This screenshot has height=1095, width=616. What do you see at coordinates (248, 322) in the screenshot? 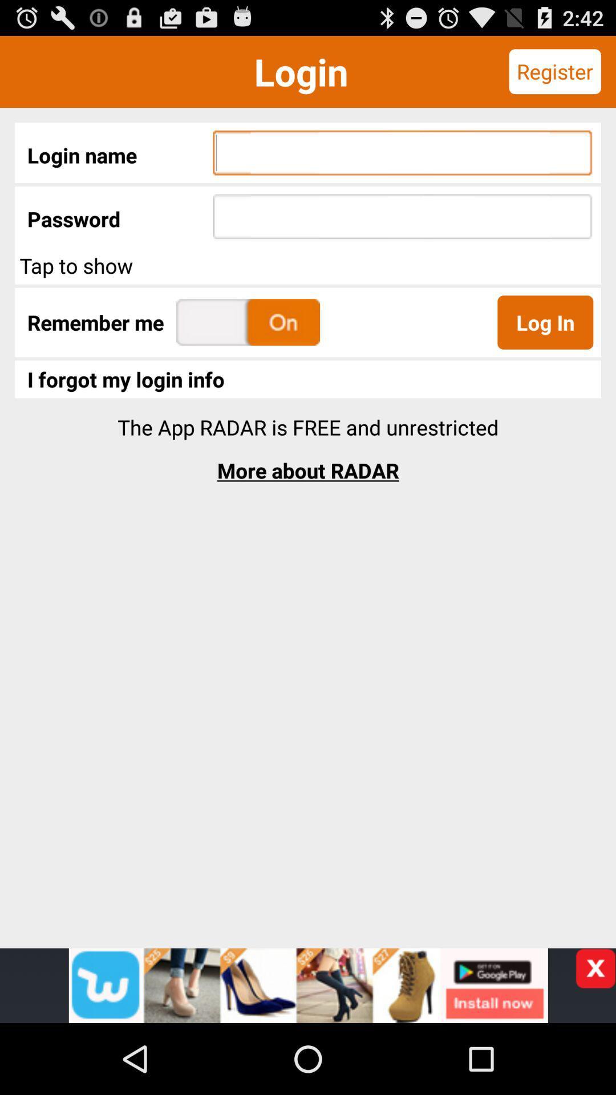
I see `on option next to remember me` at bounding box center [248, 322].